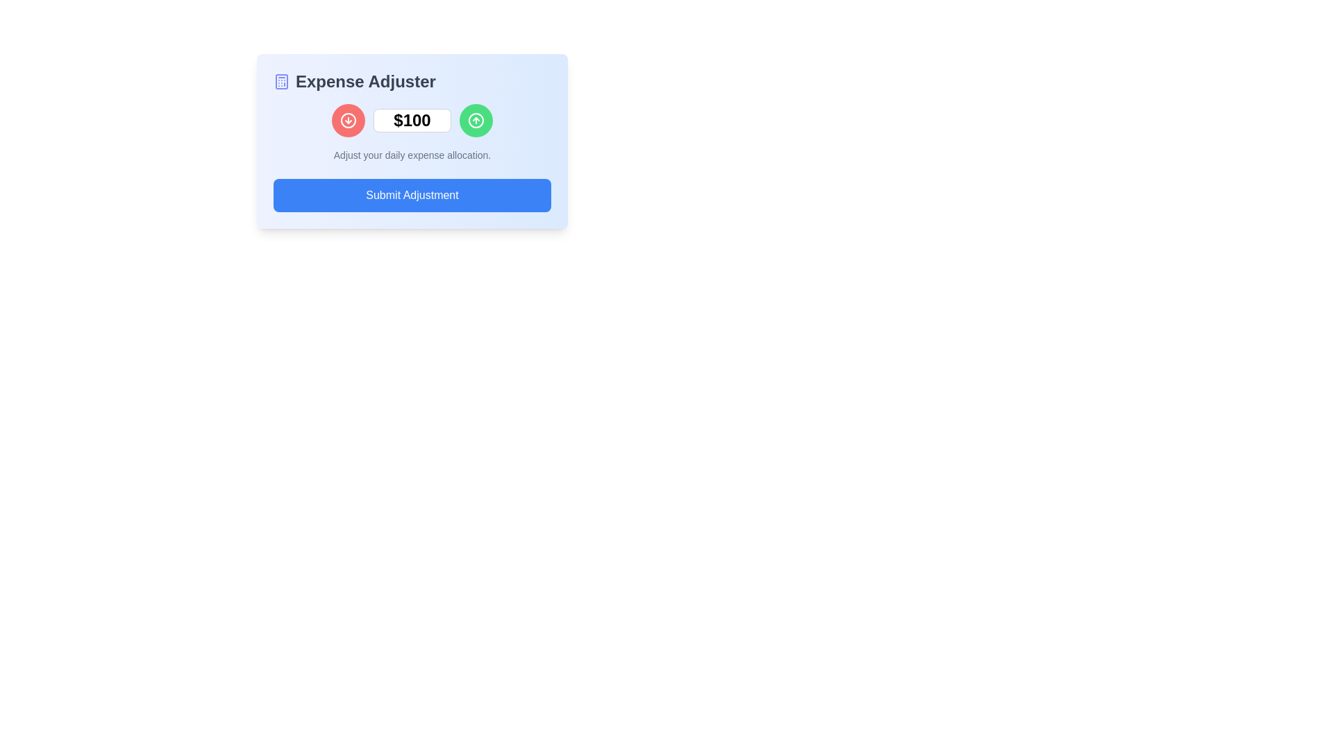 This screenshot has height=749, width=1333. What do you see at coordinates (281, 82) in the screenshot?
I see `the calculator icon representing the 'Expense Adjuster' title, located at the top-left corner of the interface card` at bounding box center [281, 82].